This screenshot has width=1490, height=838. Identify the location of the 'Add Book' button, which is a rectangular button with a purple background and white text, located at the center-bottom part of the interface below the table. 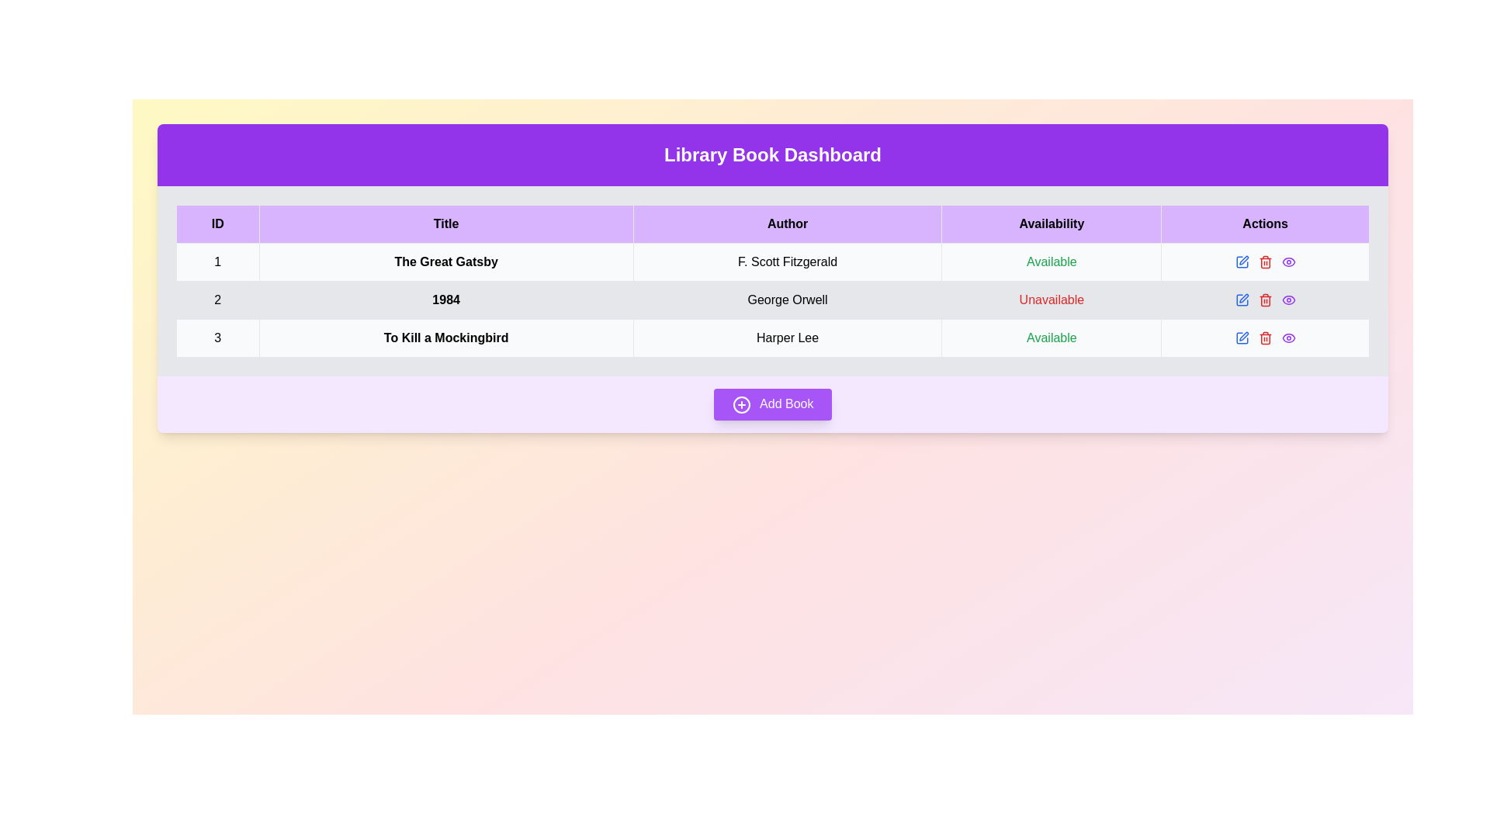
(772, 403).